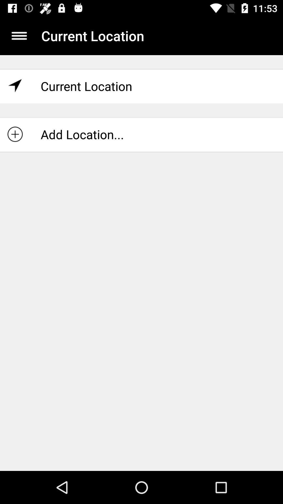  Describe the element at coordinates (19, 35) in the screenshot. I see `the item above the current location` at that location.